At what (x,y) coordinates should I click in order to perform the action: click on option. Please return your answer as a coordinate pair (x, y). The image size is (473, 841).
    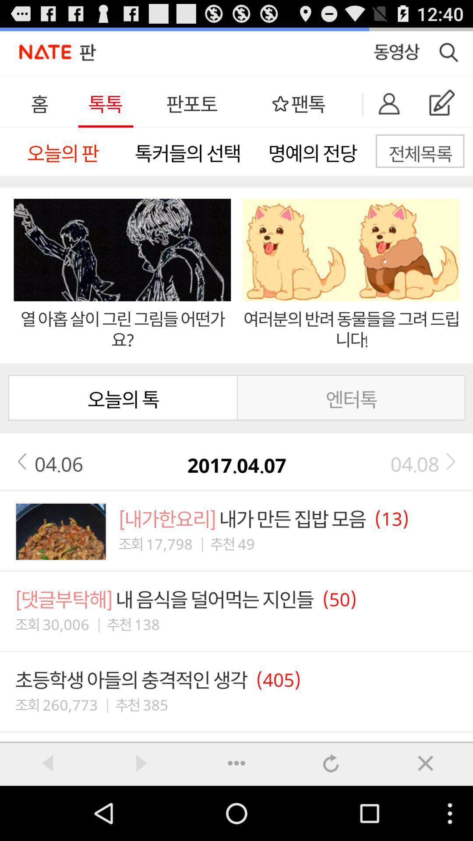
    Looking at the image, I should click on (236, 762).